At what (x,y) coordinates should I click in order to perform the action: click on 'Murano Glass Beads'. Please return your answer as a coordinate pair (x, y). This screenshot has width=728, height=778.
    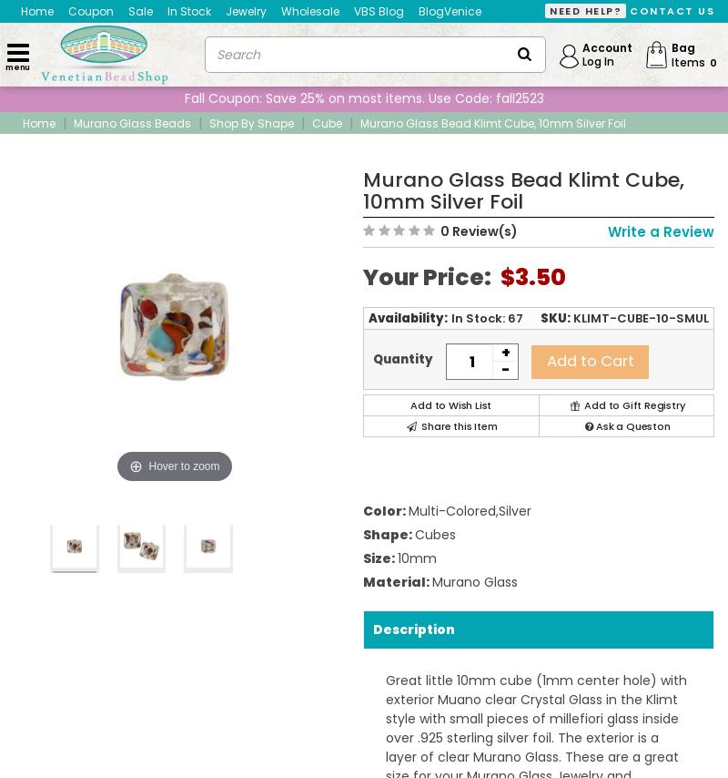
    Looking at the image, I should click on (132, 121).